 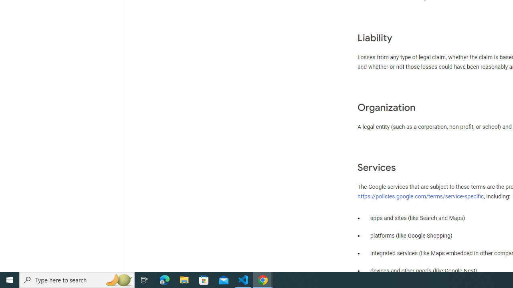 What do you see at coordinates (420, 196) in the screenshot?
I see `'https://policies.google.com/terms/service-specific'` at bounding box center [420, 196].